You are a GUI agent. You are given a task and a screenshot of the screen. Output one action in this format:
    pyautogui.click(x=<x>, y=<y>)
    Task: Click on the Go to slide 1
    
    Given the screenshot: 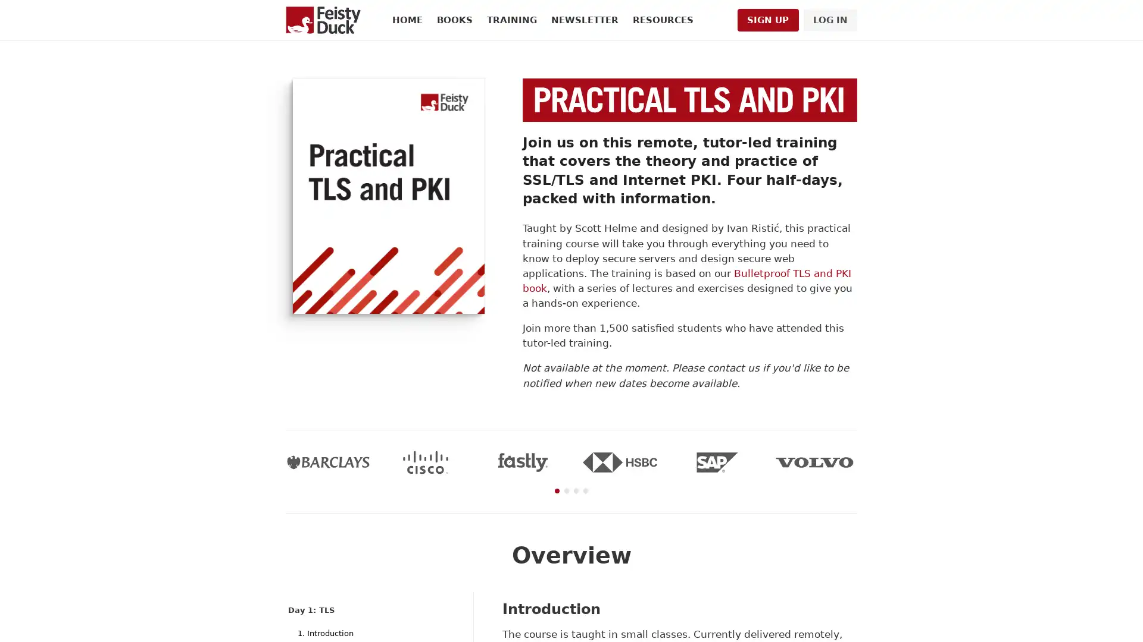 What is the action you would take?
    pyautogui.click(x=557, y=490)
    